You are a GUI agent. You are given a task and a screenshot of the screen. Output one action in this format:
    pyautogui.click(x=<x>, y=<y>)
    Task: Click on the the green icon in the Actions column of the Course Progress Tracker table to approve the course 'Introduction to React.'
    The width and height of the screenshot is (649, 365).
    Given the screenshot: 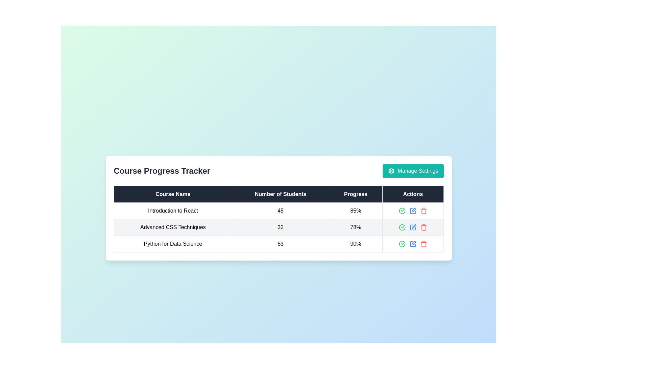 What is the action you would take?
    pyautogui.click(x=412, y=210)
    